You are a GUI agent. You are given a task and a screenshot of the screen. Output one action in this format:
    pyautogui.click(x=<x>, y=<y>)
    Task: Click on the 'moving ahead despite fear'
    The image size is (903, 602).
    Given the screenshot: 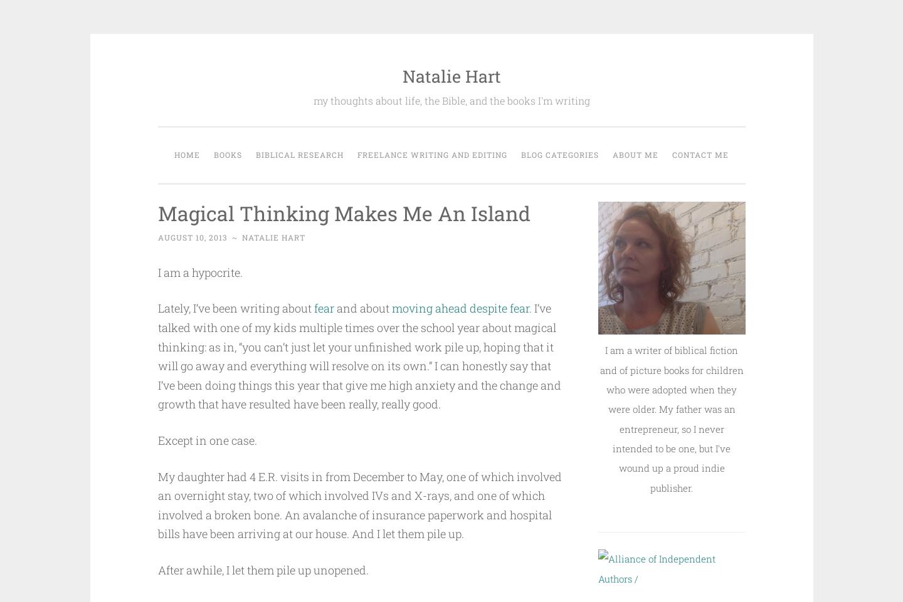 What is the action you would take?
    pyautogui.click(x=390, y=308)
    